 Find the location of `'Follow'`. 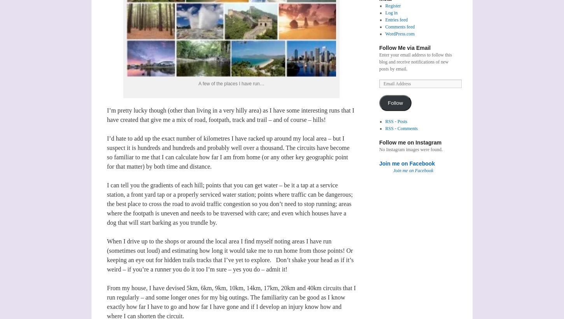

'Follow' is located at coordinates (395, 102).